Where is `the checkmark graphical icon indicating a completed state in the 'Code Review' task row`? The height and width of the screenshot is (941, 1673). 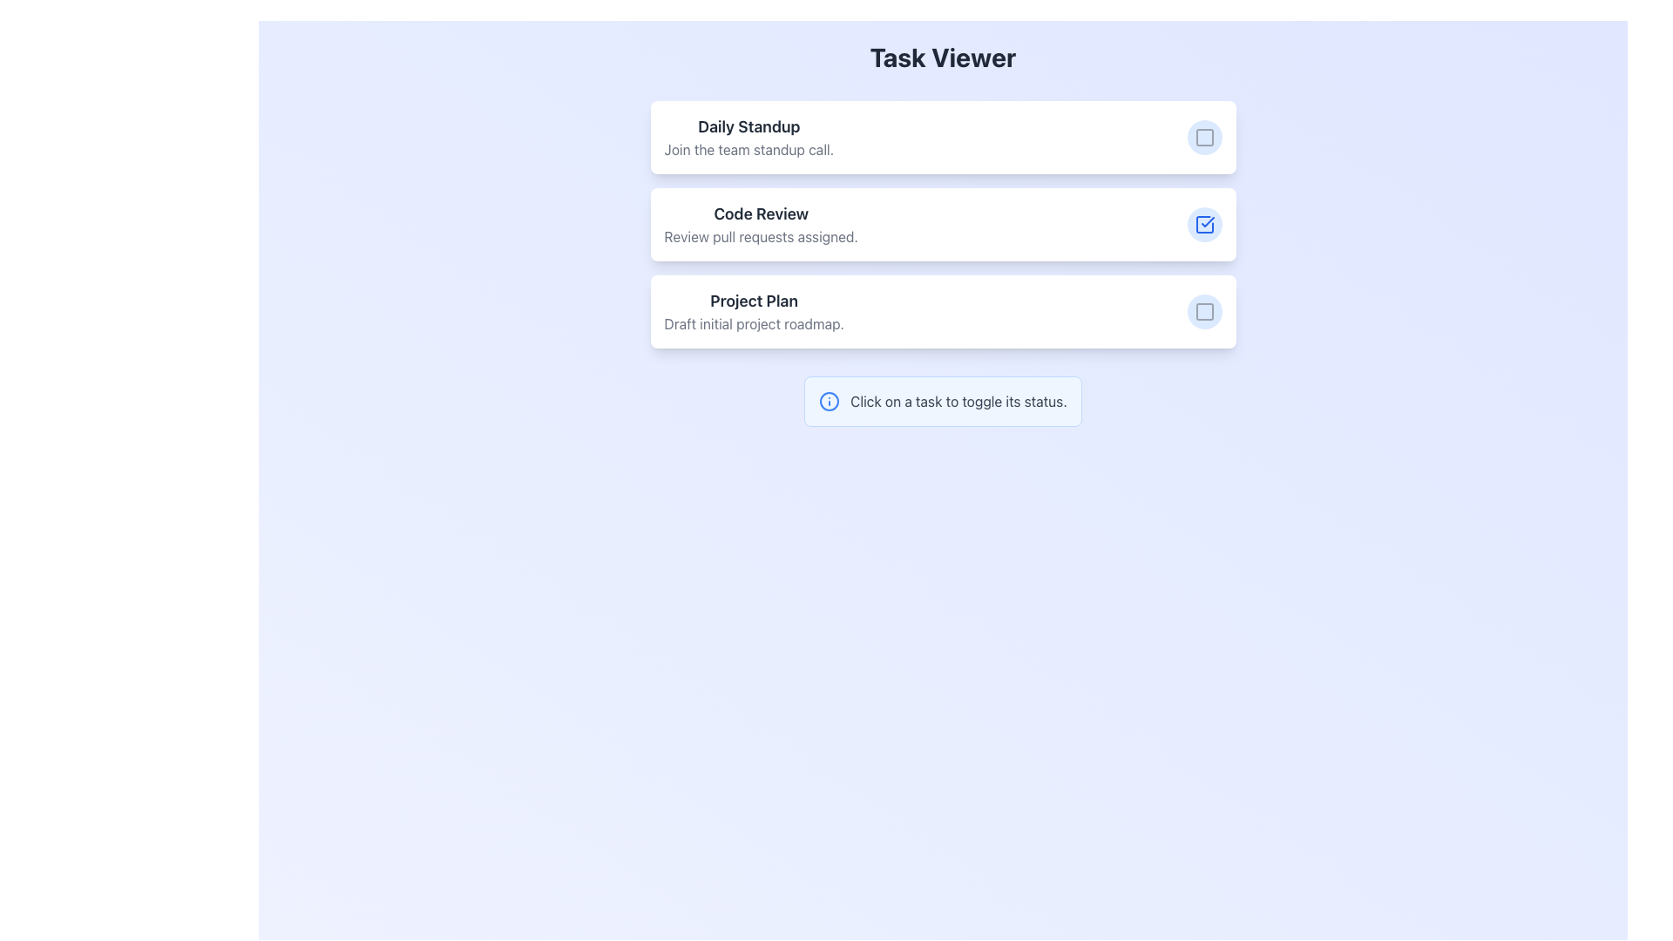 the checkmark graphical icon indicating a completed state in the 'Code Review' task row is located at coordinates (1207, 220).